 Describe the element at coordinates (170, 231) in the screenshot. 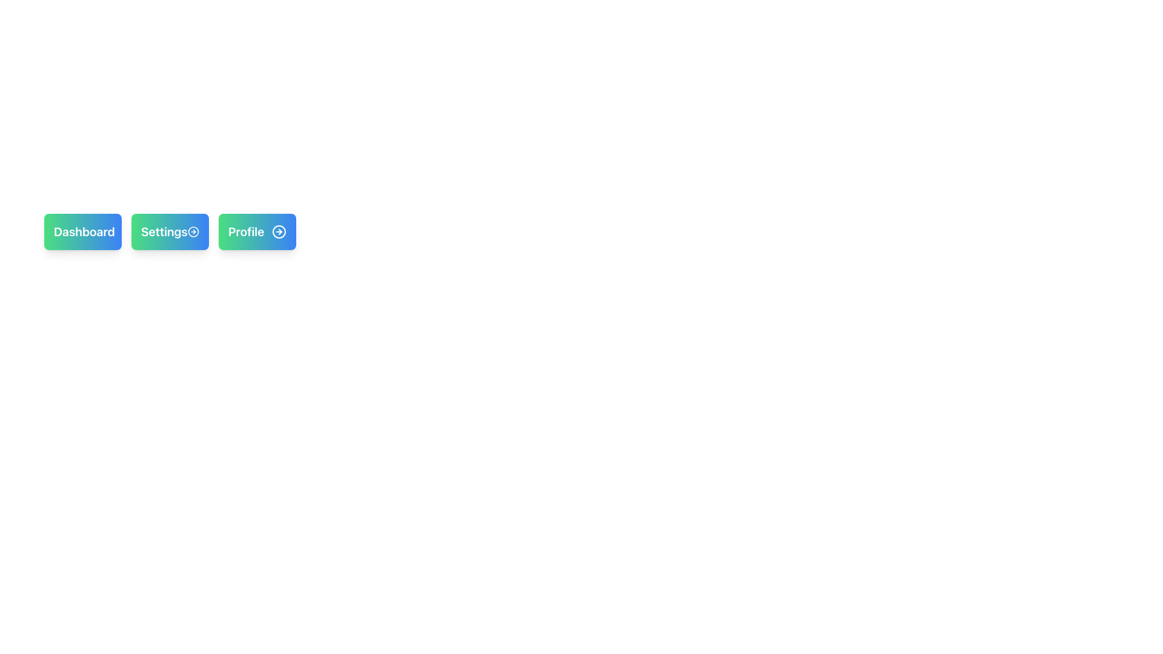

I see `the 'Settings' button in the center of the button-like grid, which is the second item in a three-column layout` at that location.